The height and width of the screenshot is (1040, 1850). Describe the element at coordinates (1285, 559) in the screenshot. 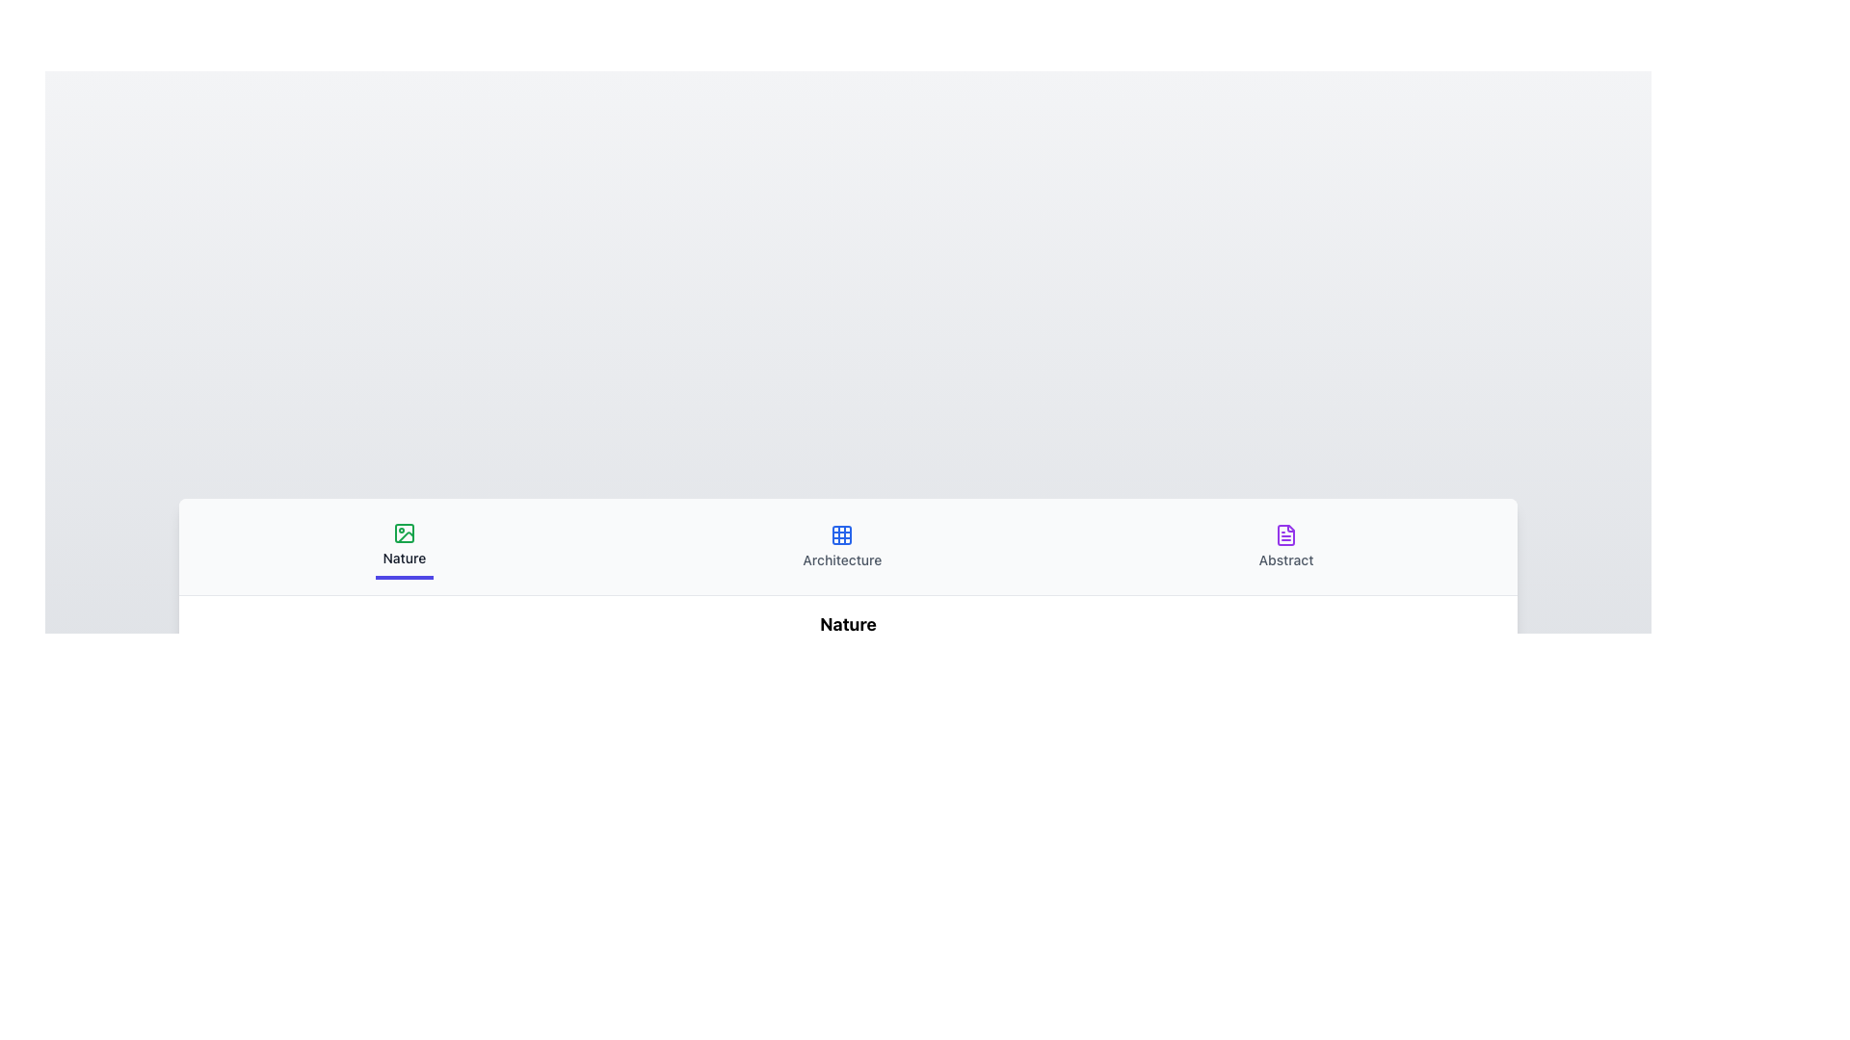

I see `the text label 'Abstract' which is styled in a medium weight and located below a purple document icon` at that location.